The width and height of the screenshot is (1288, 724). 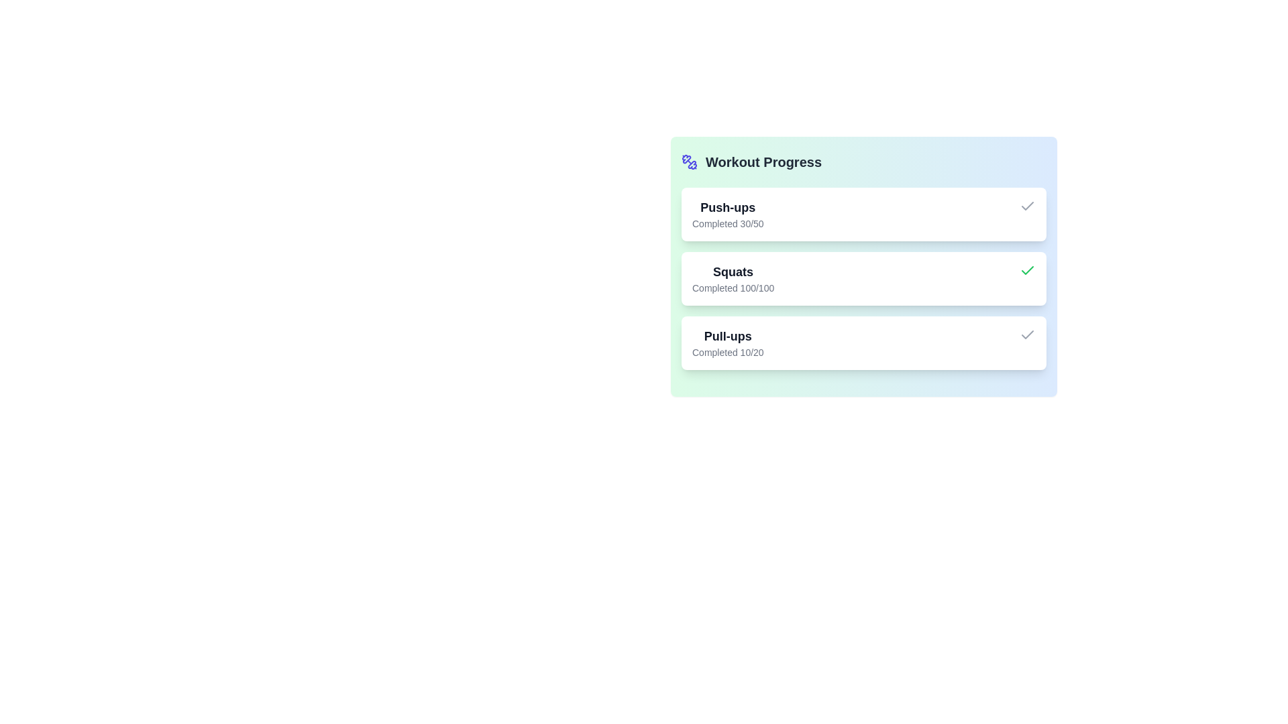 What do you see at coordinates (689, 162) in the screenshot?
I see `the decorative icon located to the left of the 'Workout Progress' title, which complements the fitness theme` at bounding box center [689, 162].